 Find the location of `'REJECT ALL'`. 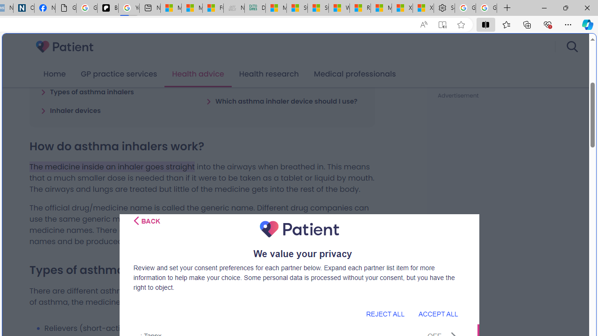

'REJECT ALL' is located at coordinates (385, 314).